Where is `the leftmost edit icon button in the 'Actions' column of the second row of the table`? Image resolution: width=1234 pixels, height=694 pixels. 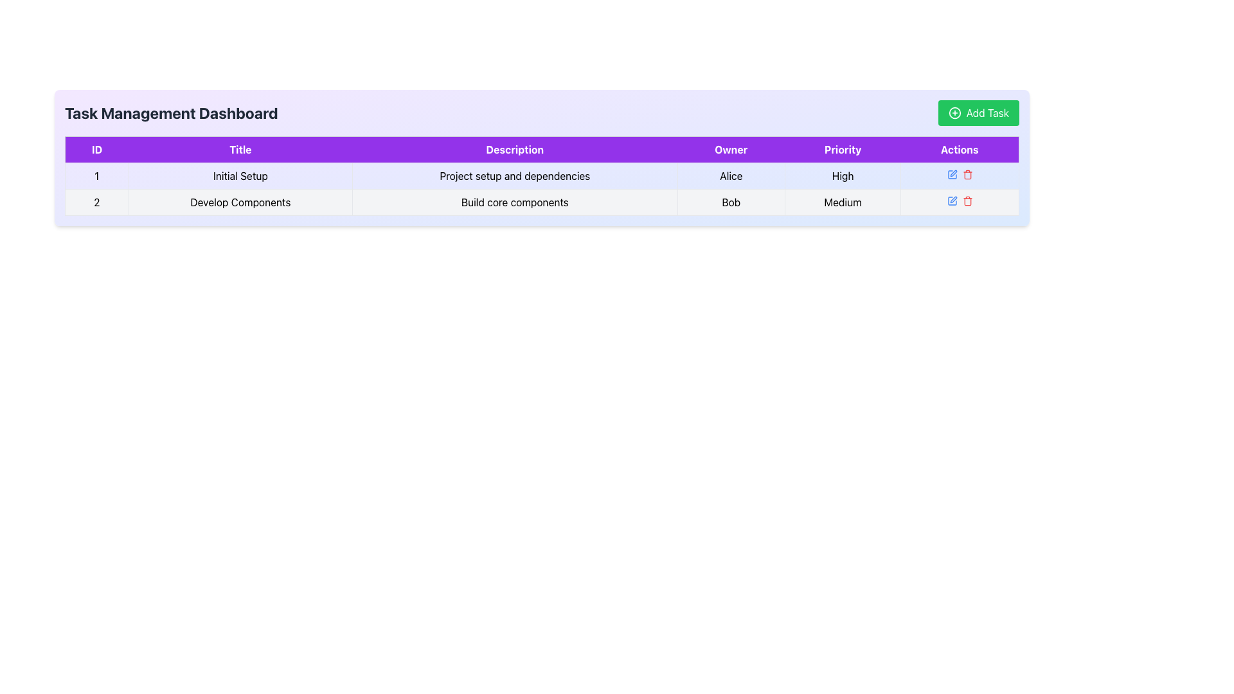 the leftmost edit icon button in the 'Actions' column of the second row of the table is located at coordinates (952, 175).